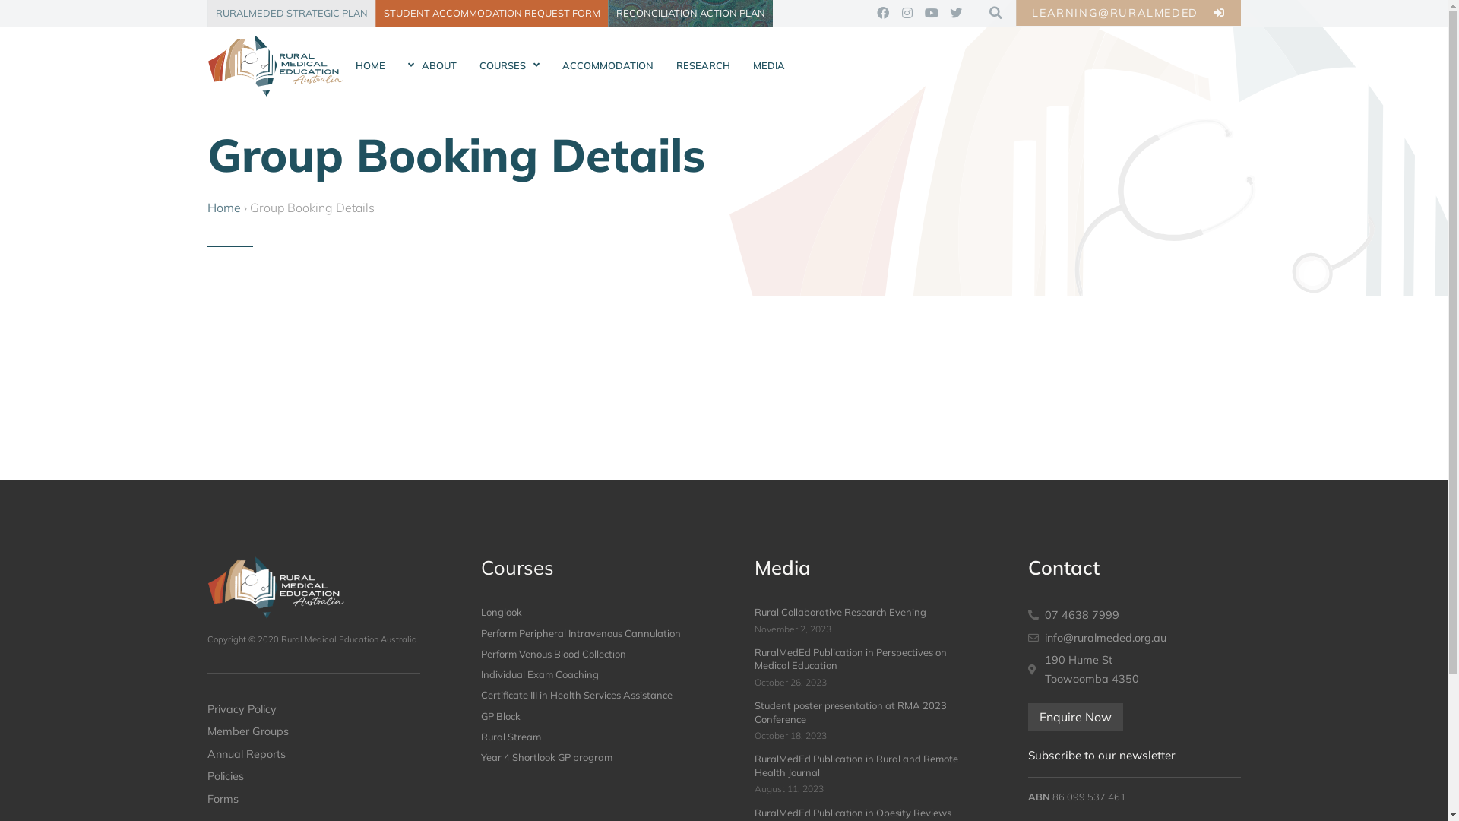 This screenshot has width=1459, height=821. What do you see at coordinates (769, 65) in the screenshot?
I see `'MEDIA'` at bounding box center [769, 65].